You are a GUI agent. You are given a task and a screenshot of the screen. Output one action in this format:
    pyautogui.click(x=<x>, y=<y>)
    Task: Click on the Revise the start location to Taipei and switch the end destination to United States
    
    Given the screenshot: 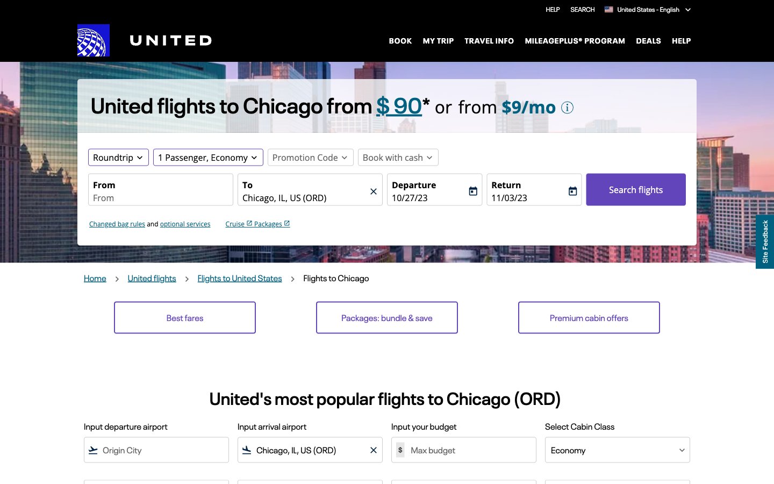 What is the action you would take?
    pyautogui.click(x=160, y=198)
    